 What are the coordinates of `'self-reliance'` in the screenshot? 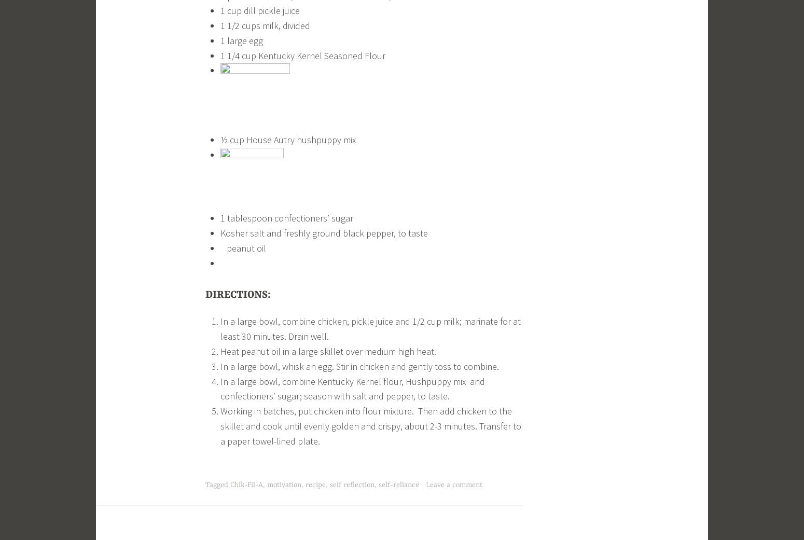 It's located at (398, 484).